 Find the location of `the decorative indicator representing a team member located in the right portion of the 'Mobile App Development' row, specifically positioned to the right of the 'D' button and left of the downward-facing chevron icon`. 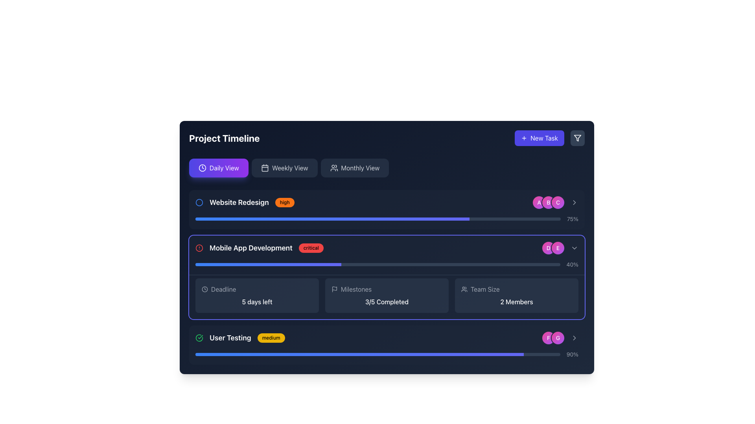

the decorative indicator representing a team member located in the right portion of the 'Mobile App Development' row, specifically positioned to the right of the 'D' button and left of the downward-facing chevron icon is located at coordinates (560, 248).